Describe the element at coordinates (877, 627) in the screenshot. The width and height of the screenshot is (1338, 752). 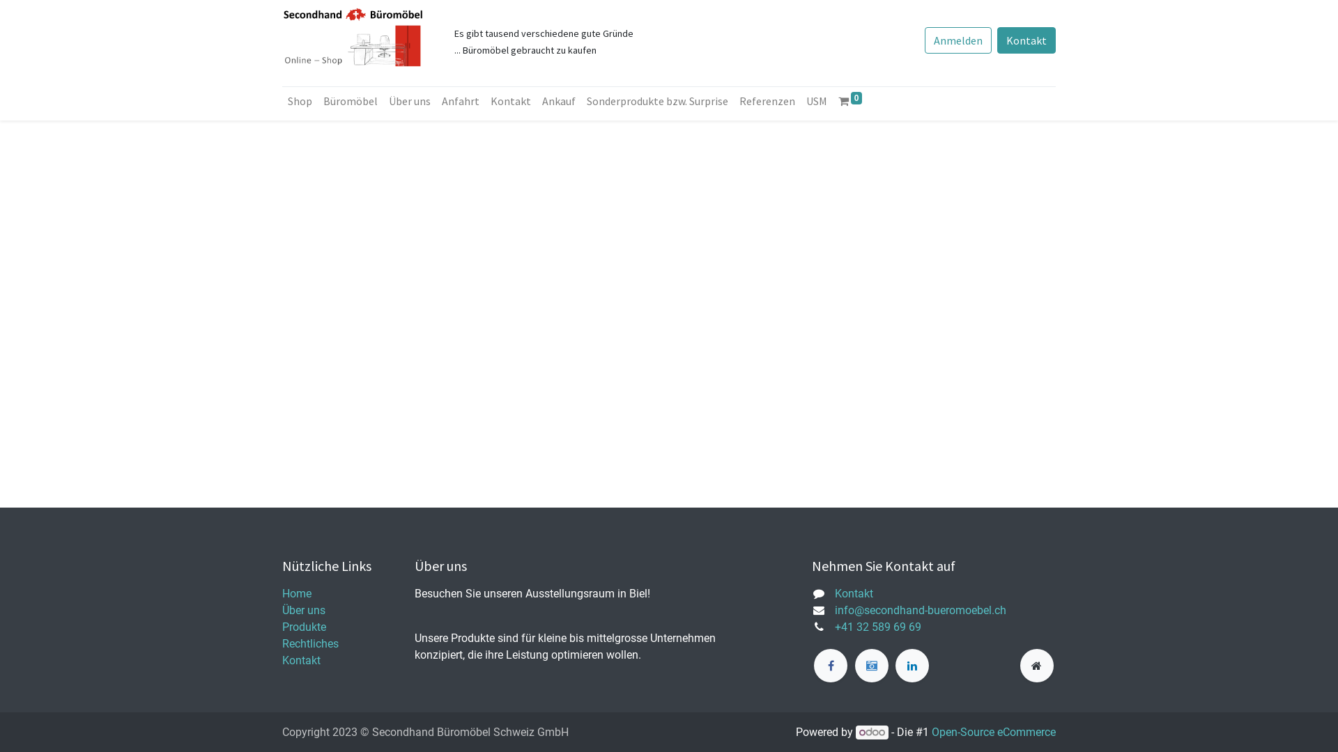
I see `'+41 32 589 69 69'` at that location.